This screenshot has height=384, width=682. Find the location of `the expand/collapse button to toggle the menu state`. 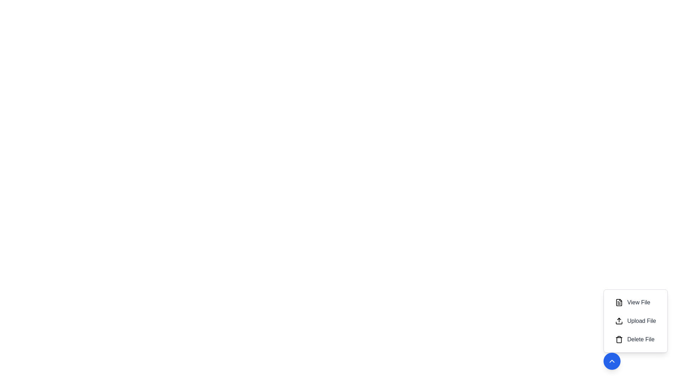

the expand/collapse button to toggle the menu state is located at coordinates (612, 361).